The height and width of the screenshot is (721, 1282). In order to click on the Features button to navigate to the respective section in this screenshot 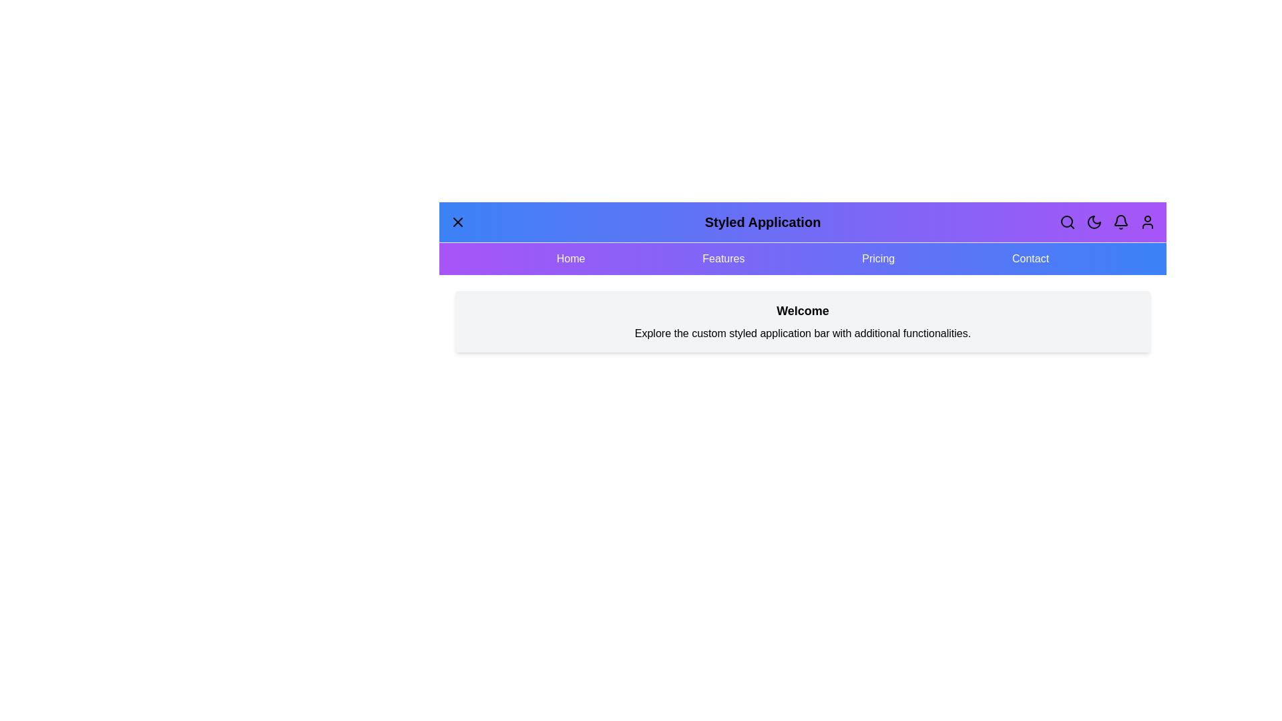, I will do `click(722, 259)`.